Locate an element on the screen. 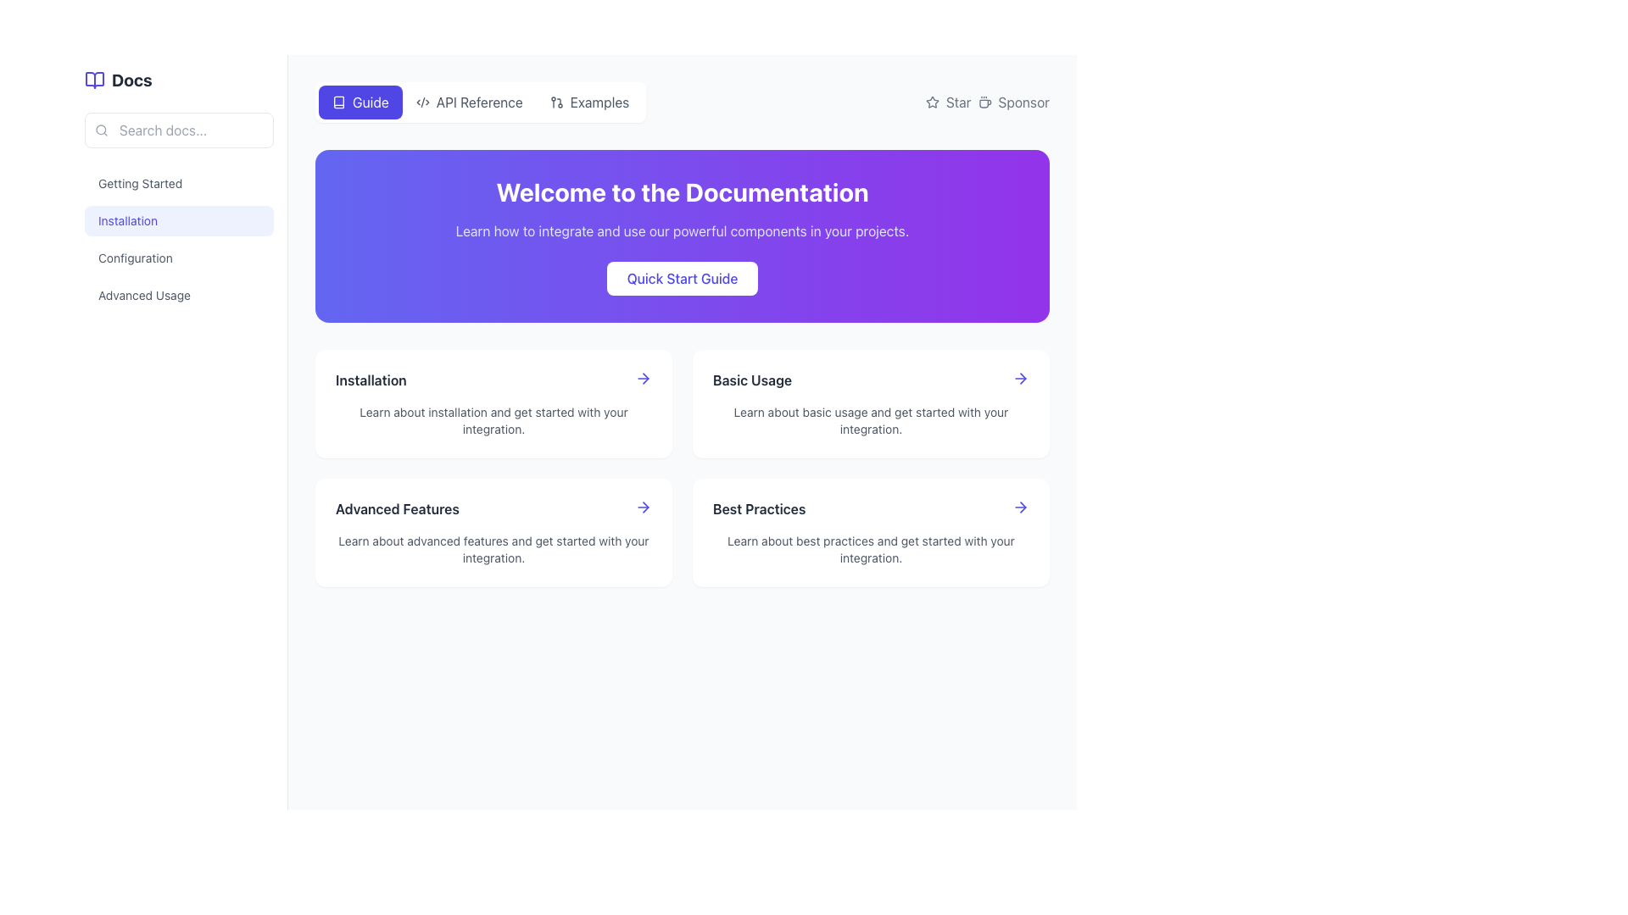 The image size is (1628, 915). the indigo 'Guide' button, which is the first button in a group of three at the top-left corner of the main content area, to activate hover effects is located at coordinates (360, 102).